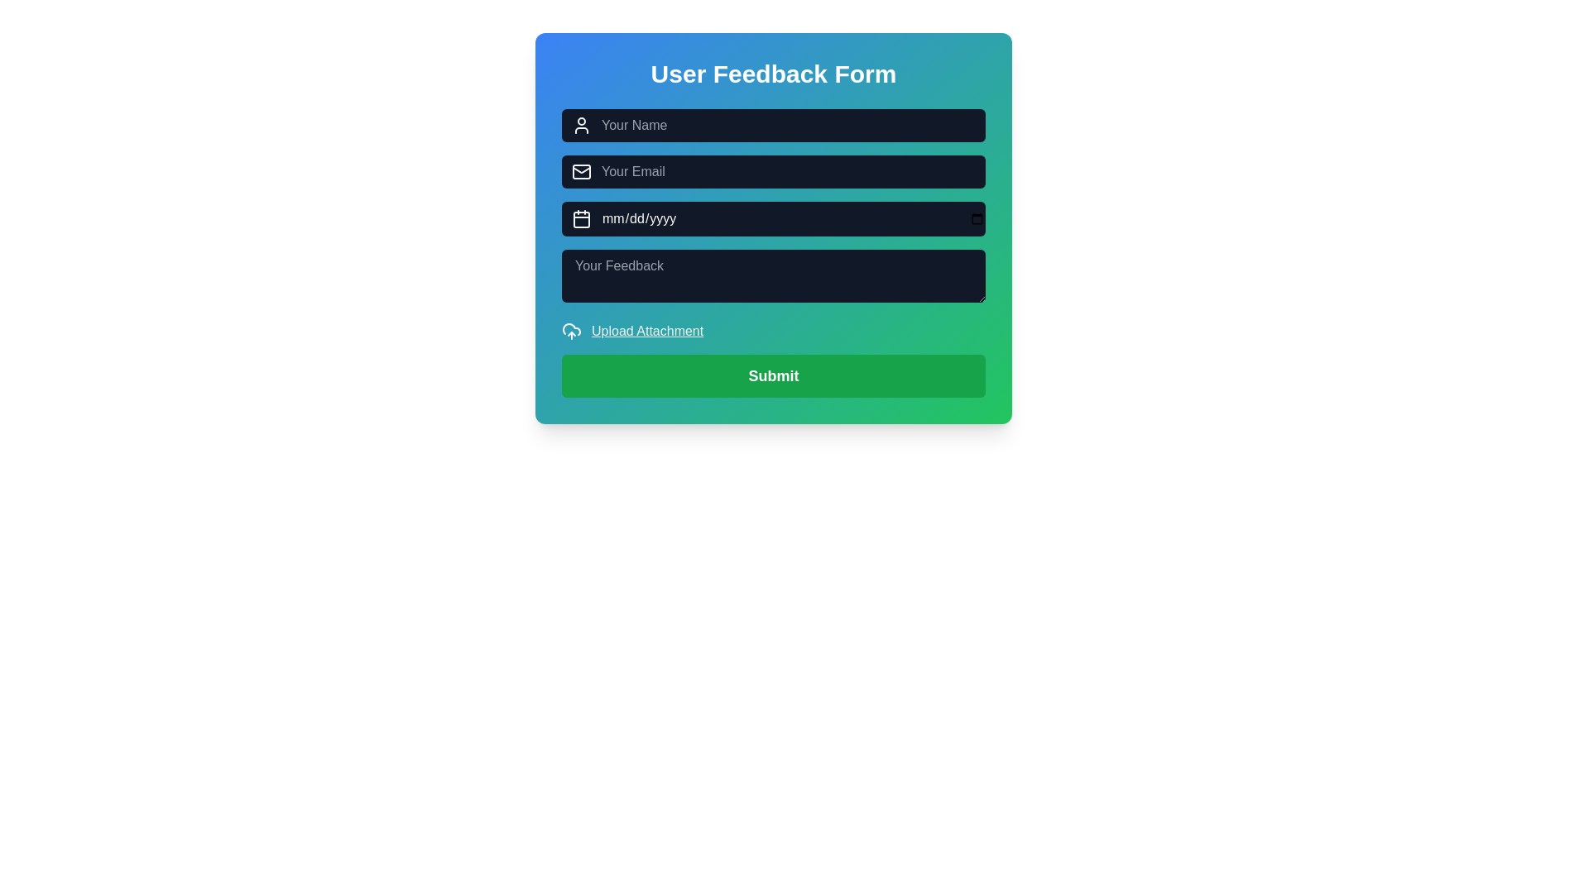 This screenshot has height=893, width=1589. What do you see at coordinates (773, 253) in the screenshot?
I see `the text input field for user feedback located below the date input field labeled 'mm/dd/yyyy' and above the 'Upload Attachment' link` at bounding box center [773, 253].